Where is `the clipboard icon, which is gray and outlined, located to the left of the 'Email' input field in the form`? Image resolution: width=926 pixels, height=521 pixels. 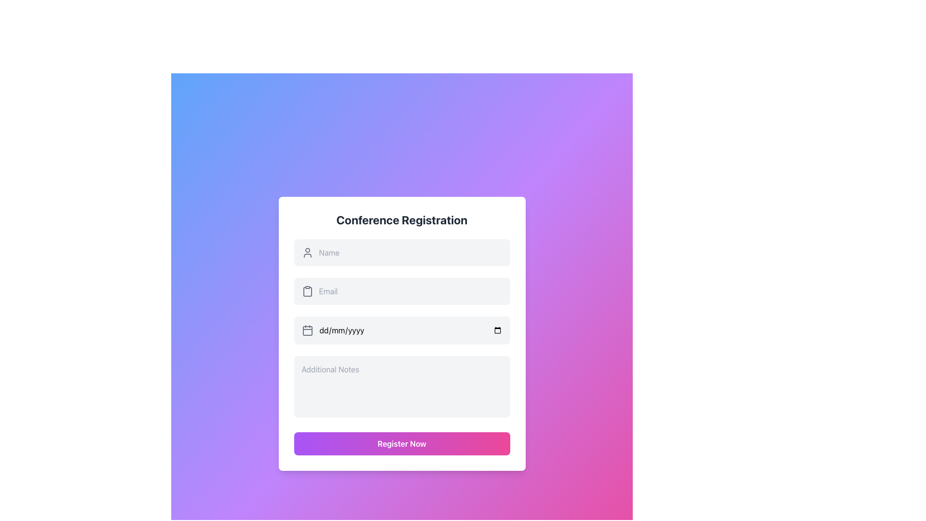 the clipboard icon, which is gray and outlined, located to the left of the 'Email' input field in the form is located at coordinates (307, 291).